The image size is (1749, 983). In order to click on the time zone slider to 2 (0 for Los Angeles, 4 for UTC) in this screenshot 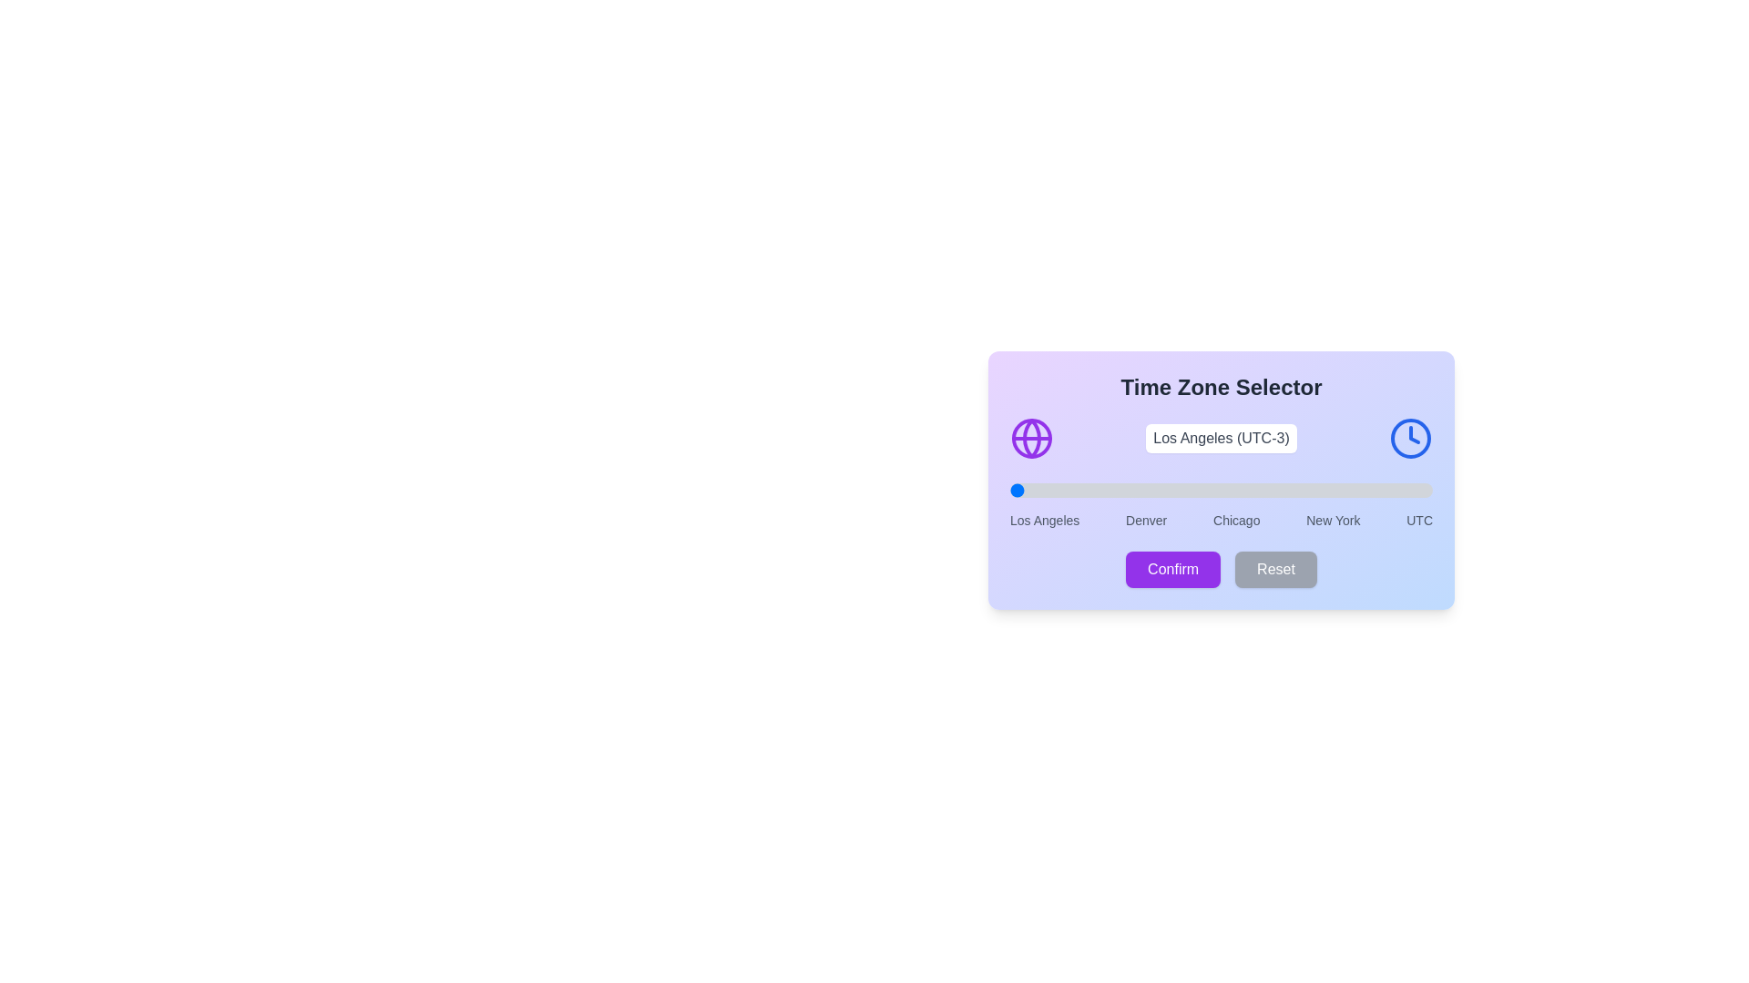, I will do `click(1221, 490)`.